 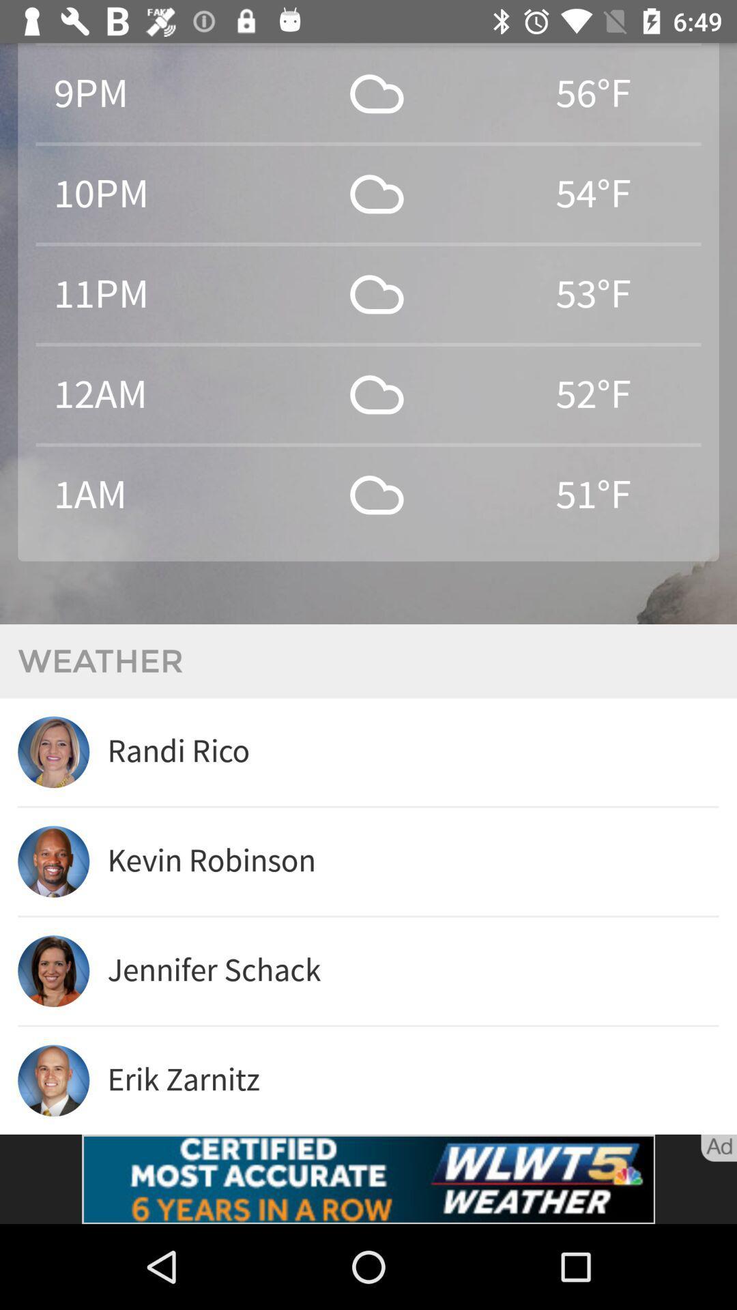 What do you see at coordinates (369, 1178) in the screenshot?
I see `advertisement` at bounding box center [369, 1178].